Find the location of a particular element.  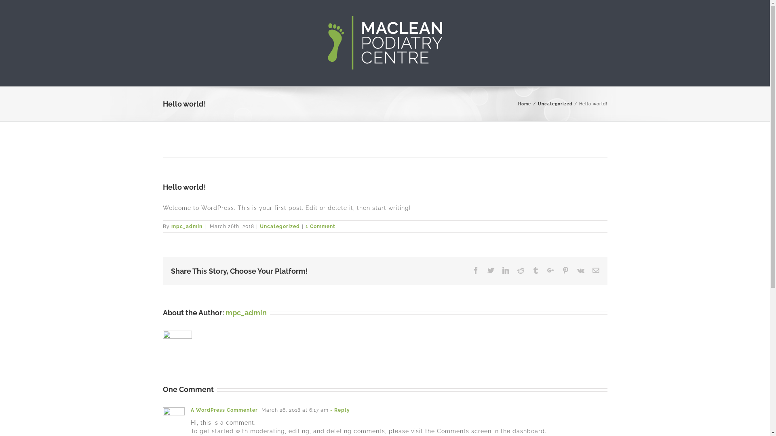

'Uncategorized' is located at coordinates (279, 226).